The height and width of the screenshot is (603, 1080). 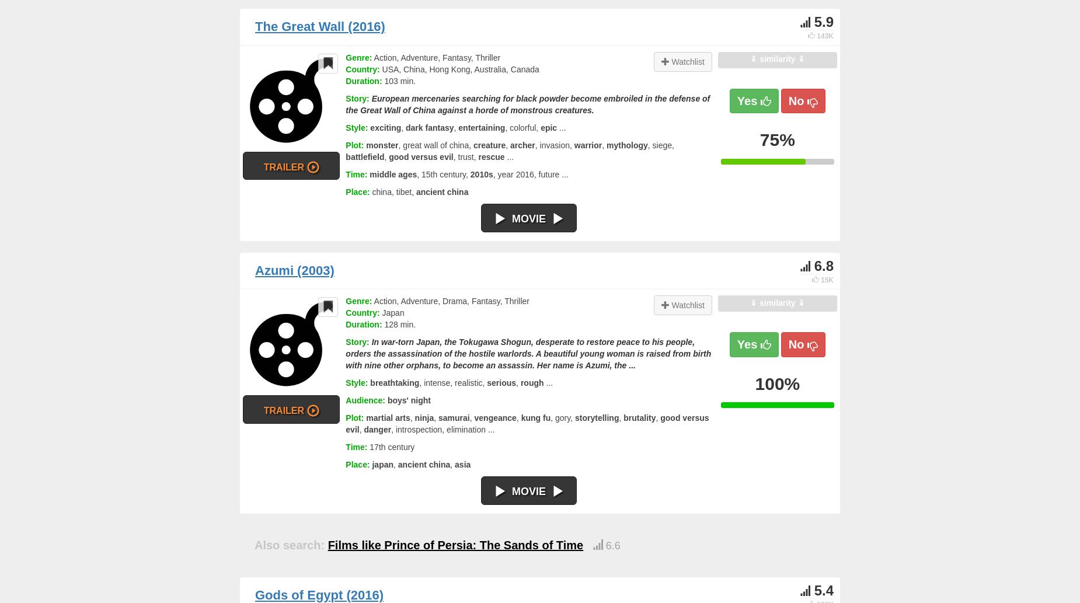 What do you see at coordinates (813, 22) in the screenshot?
I see `'5.9'` at bounding box center [813, 22].